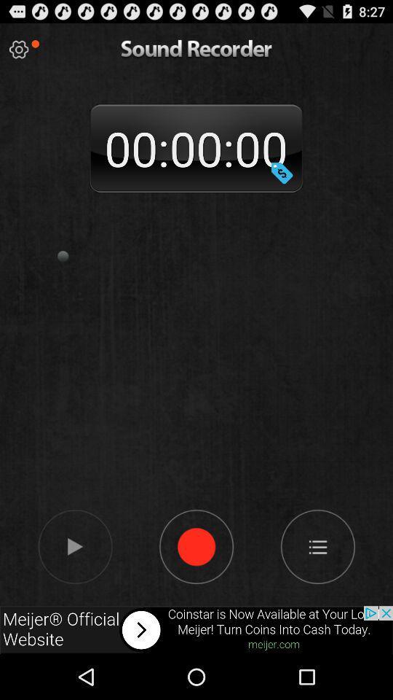 This screenshot has height=700, width=393. What do you see at coordinates (18, 50) in the screenshot?
I see `play` at bounding box center [18, 50].